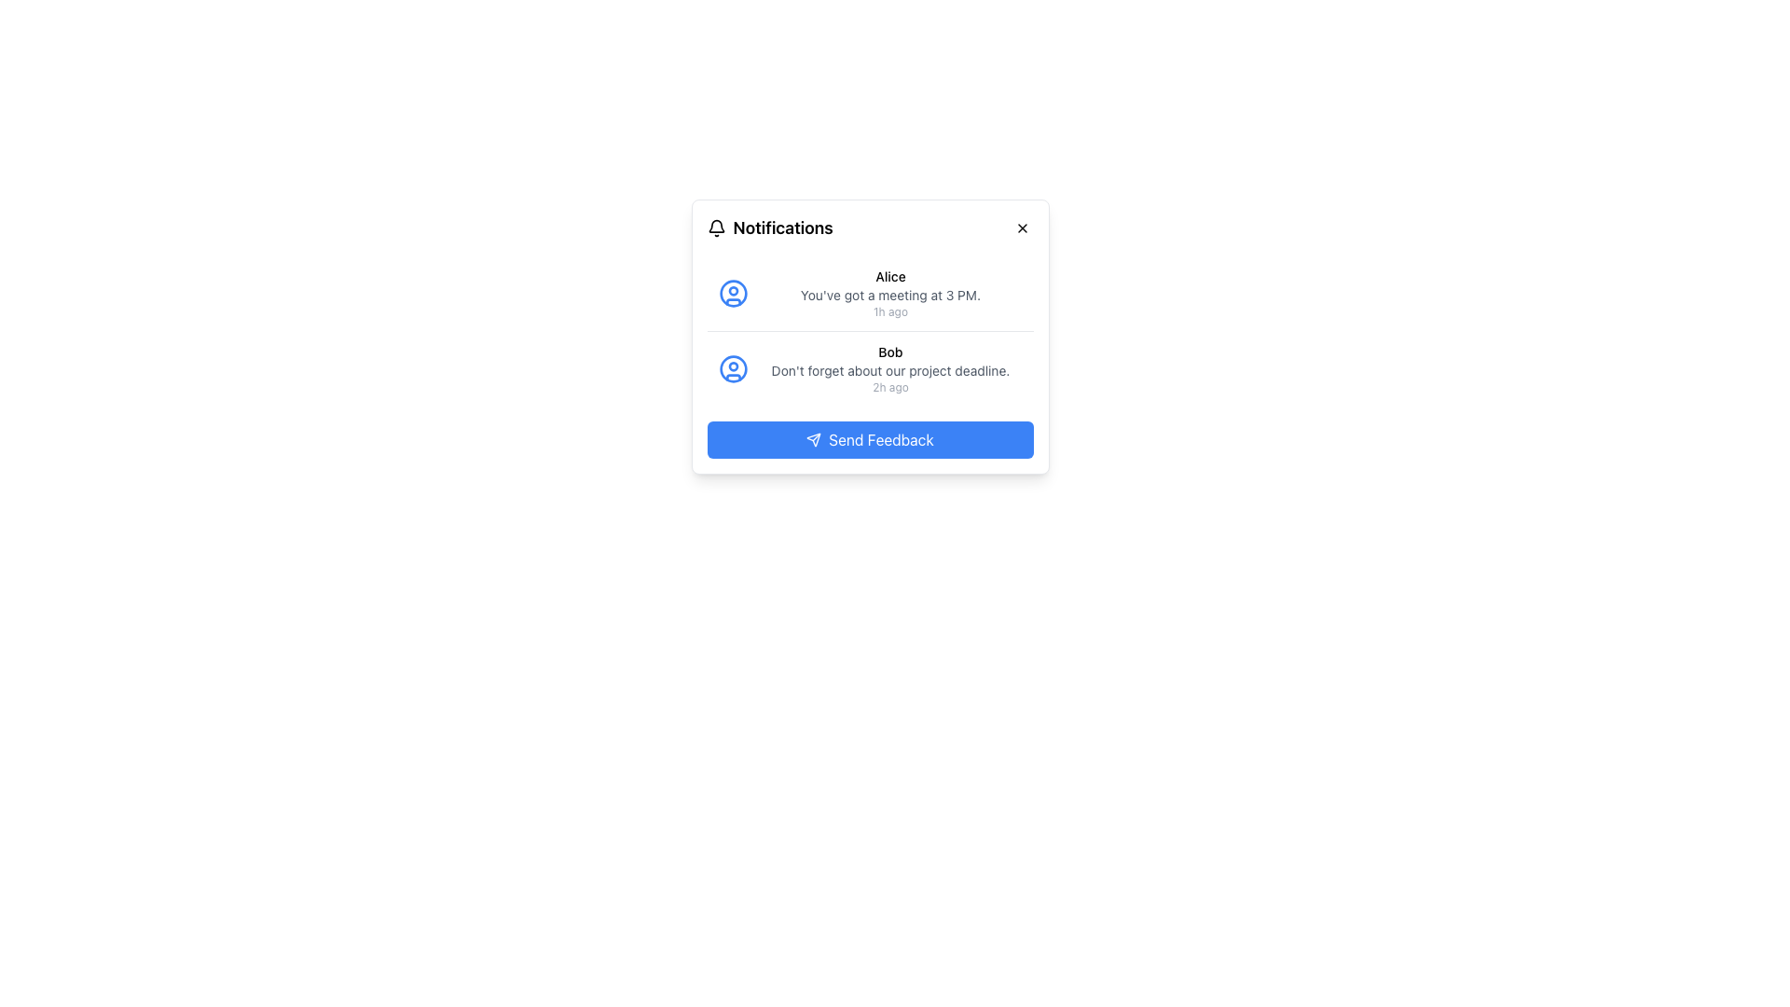  Describe the element at coordinates (1021, 228) in the screenshot. I see `the Close button with an 'X' icon located at the top-right corner of the notification card to observe the background color change` at that location.